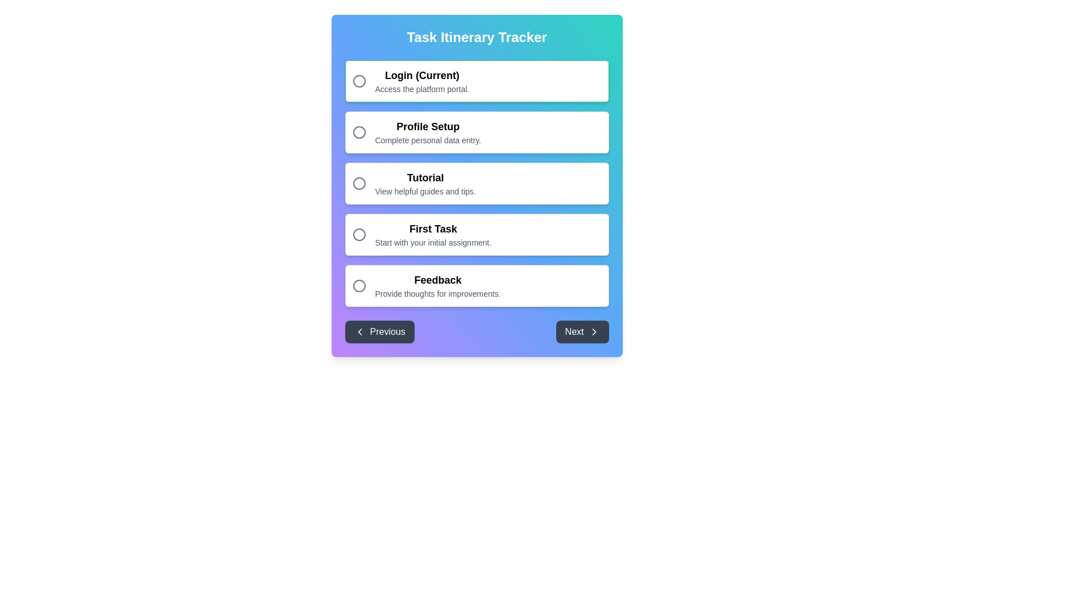  What do you see at coordinates (437, 293) in the screenshot?
I see `the text label displaying 'Provide thoughts for improvements.' located below the 'Feedback' header in the 'Task Itinerary Tracker' section` at bounding box center [437, 293].